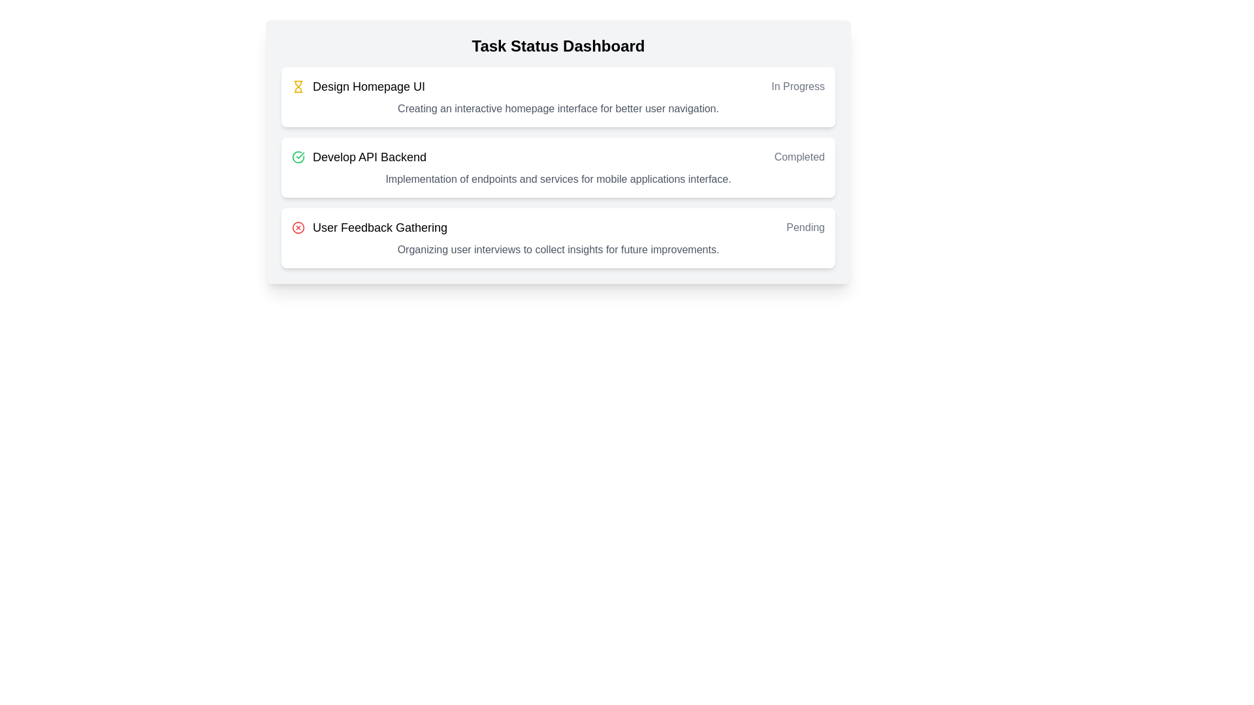  Describe the element at coordinates (558, 97) in the screenshot. I see `information provided on the Informative Card titled 'Design Homepage UI' which is the first card in the 'Task Status Dashboard' section` at that location.